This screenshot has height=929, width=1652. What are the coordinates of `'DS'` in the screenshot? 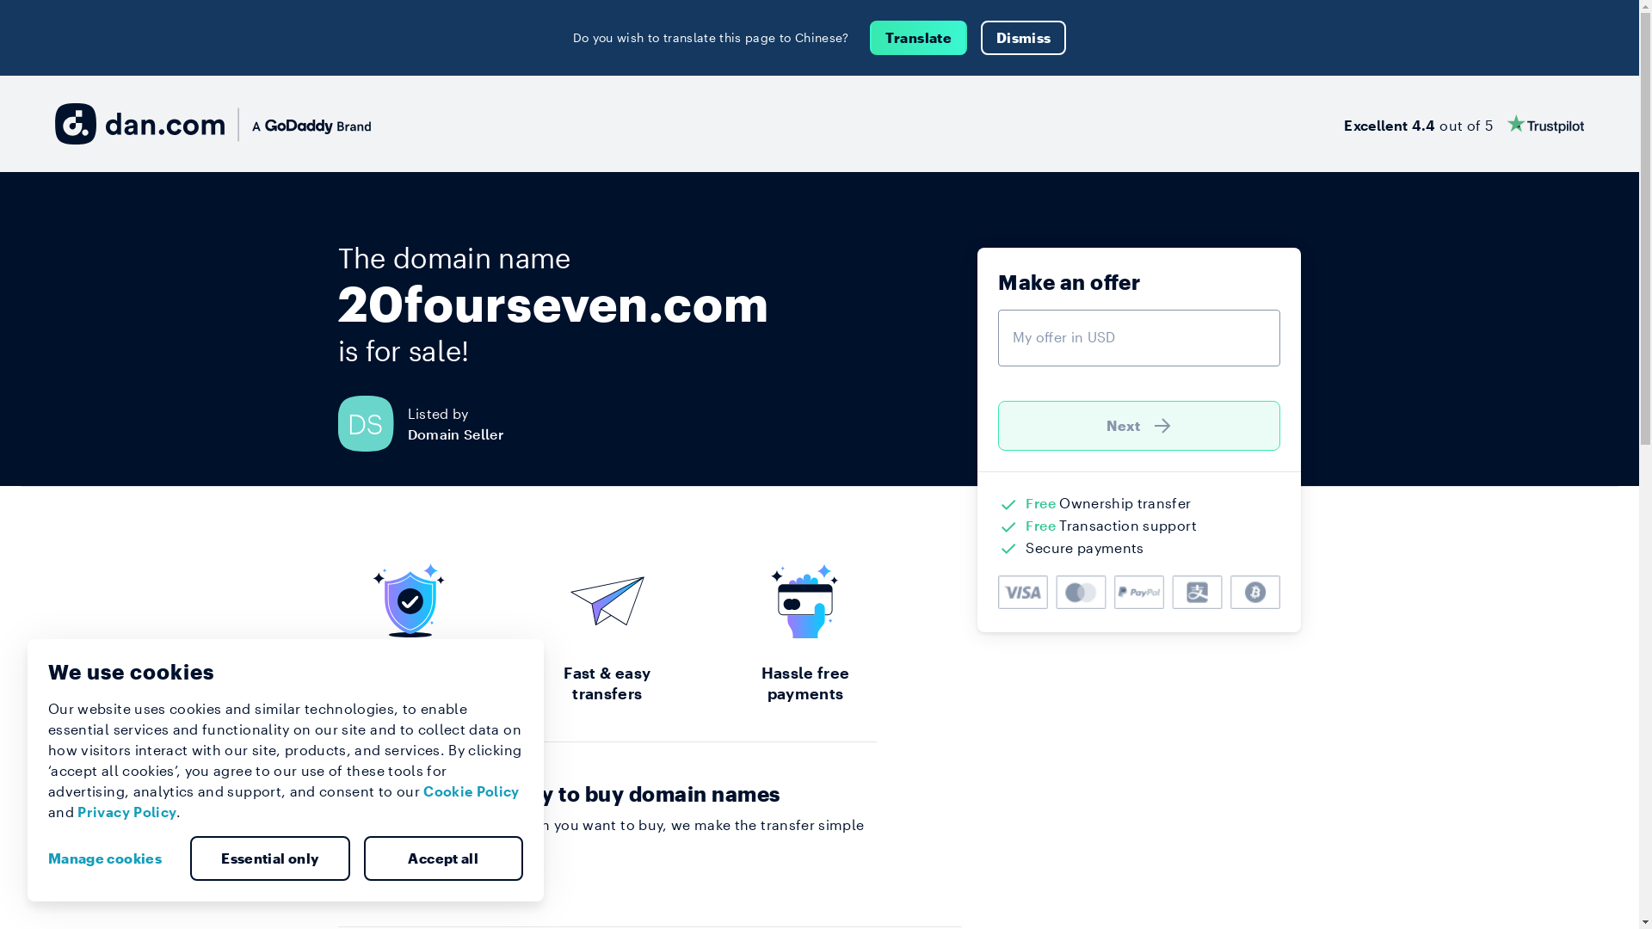 It's located at (371, 423).